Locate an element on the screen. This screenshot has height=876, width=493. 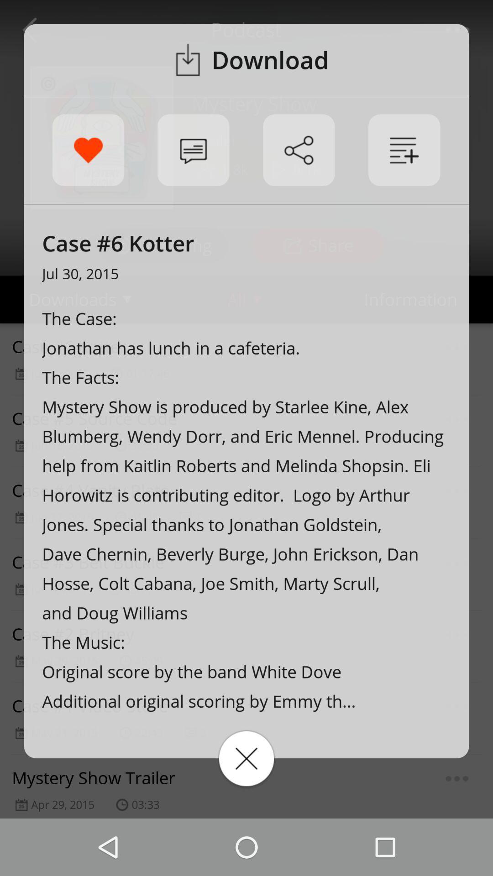
the chat icon is located at coordinates (193, 161).